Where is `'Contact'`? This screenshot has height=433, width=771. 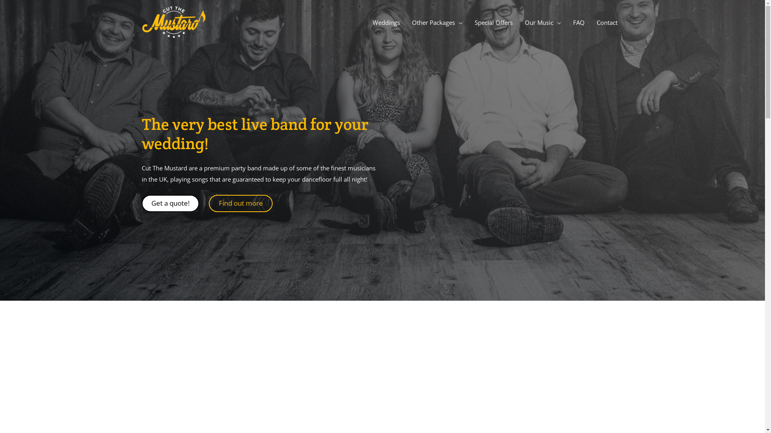 'Contact' is located at coordinates (607, 21).